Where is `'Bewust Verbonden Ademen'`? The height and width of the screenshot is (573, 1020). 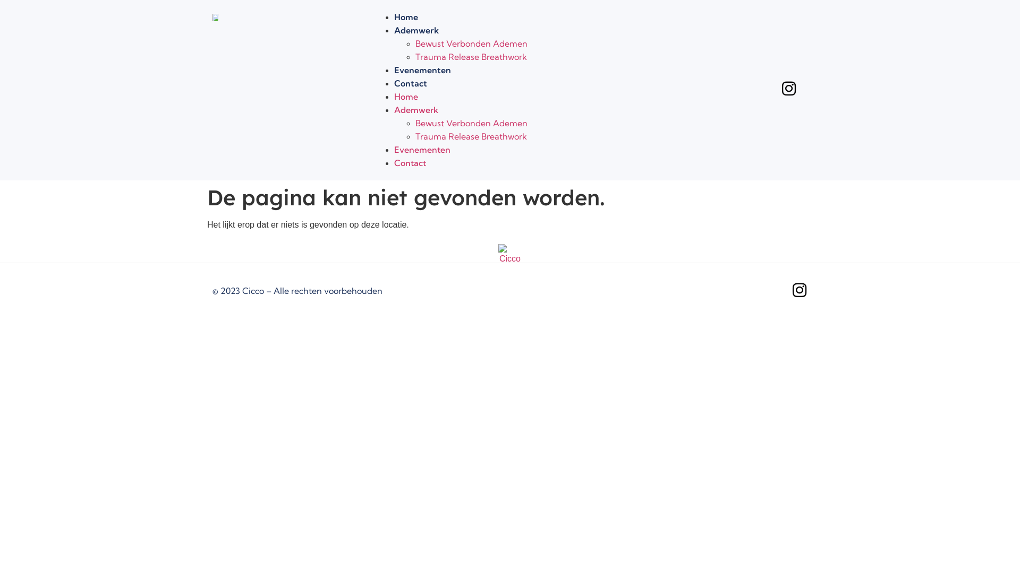
'Bewust Verbonden Ademen' is located at coordinates (415, 42).